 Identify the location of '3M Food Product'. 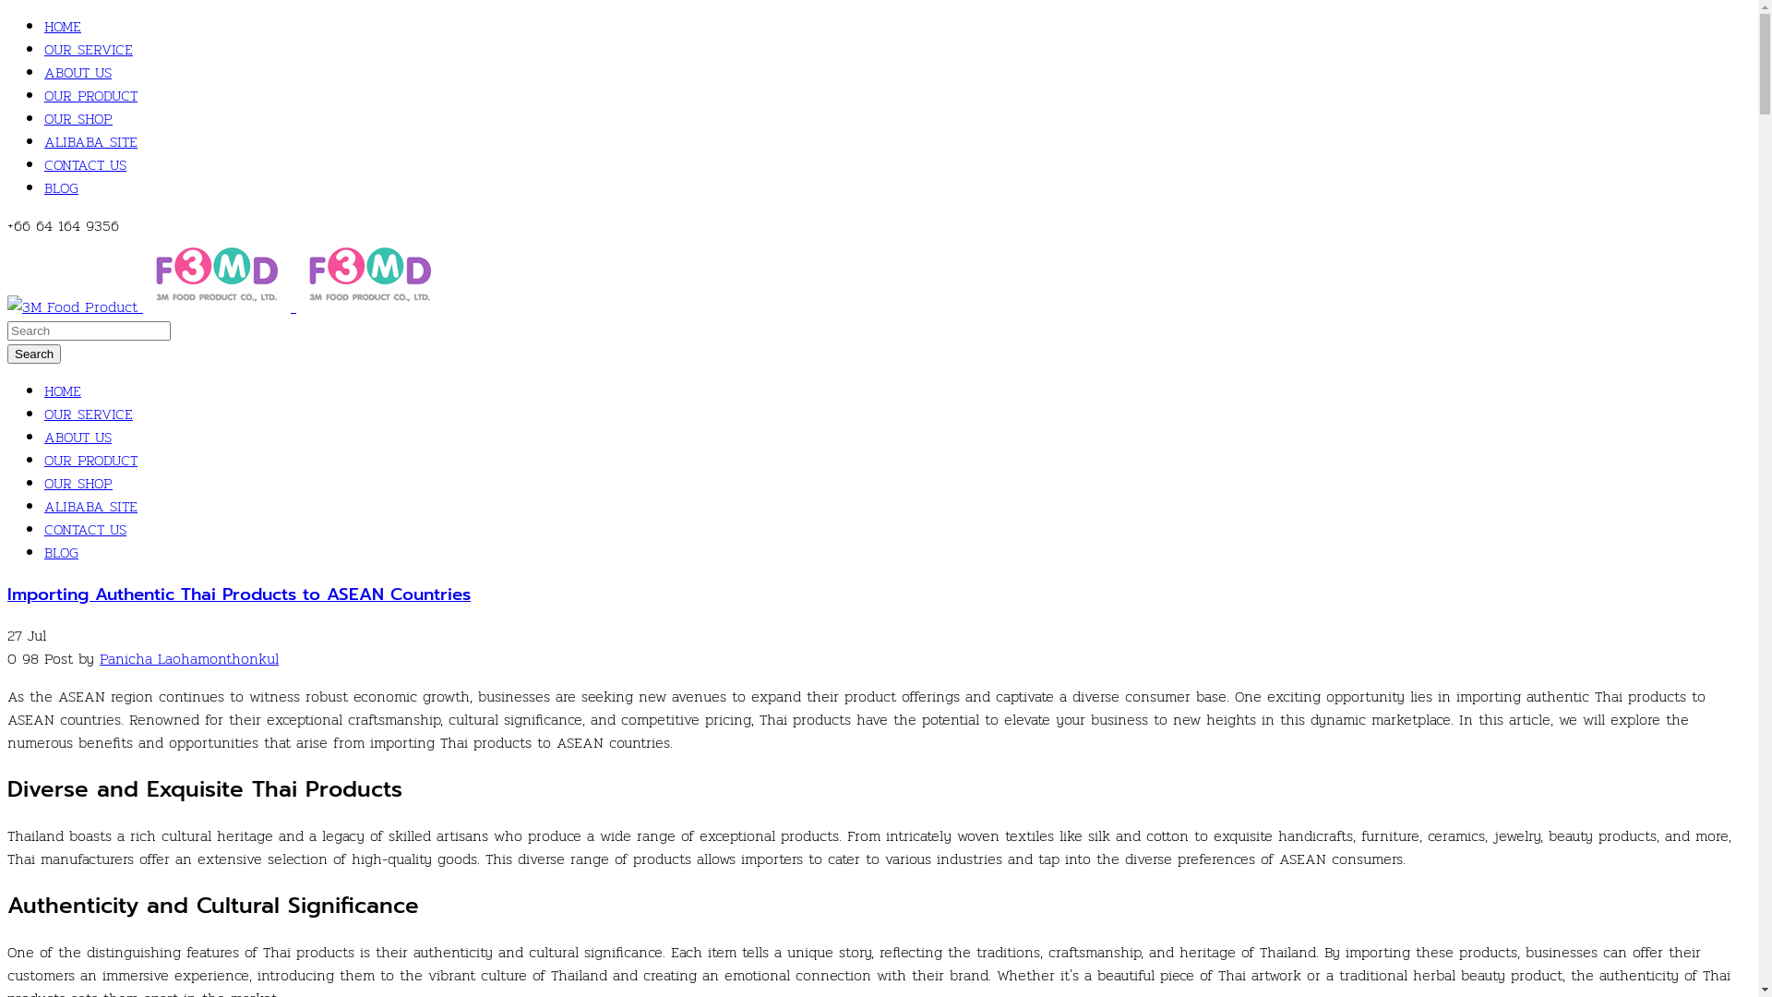
(72, 306).